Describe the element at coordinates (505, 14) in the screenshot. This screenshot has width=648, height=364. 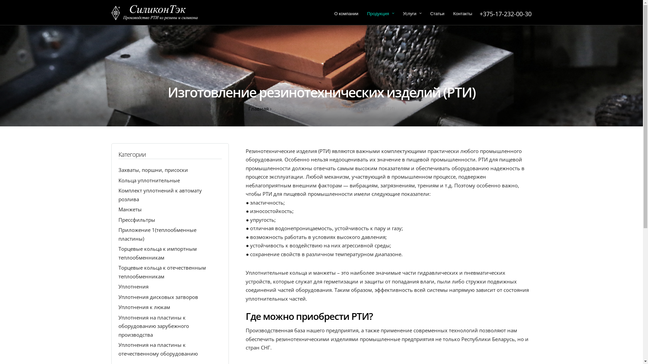
I see `'+375-17-232-00-30'` at that location.